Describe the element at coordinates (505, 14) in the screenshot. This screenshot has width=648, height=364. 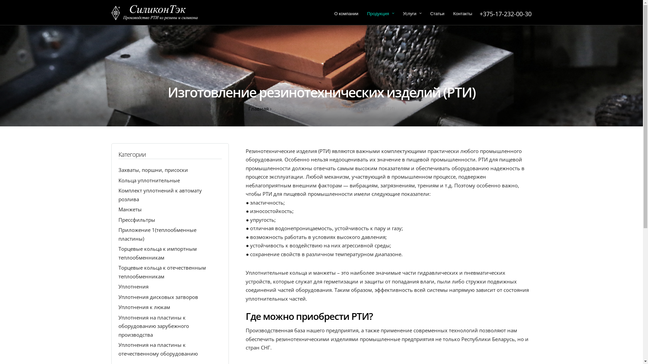
I see `'+375-17-232-00-30'` at that location.